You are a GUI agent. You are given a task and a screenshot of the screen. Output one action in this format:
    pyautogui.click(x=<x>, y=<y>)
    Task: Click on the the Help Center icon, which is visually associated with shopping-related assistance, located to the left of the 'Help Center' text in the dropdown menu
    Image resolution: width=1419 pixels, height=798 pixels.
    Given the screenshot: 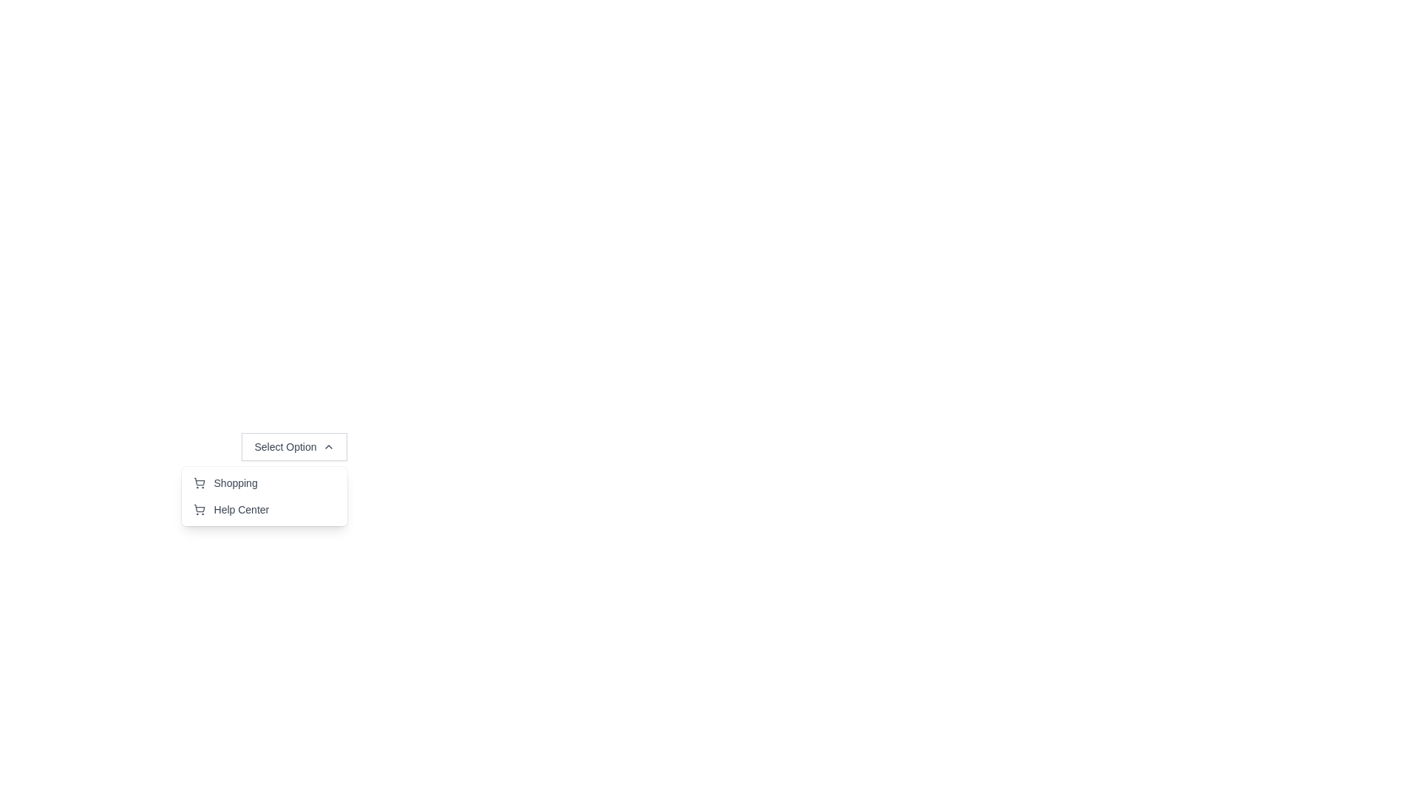 What is the action you would take?
    pyautogui.click(x=198, y=509)
    